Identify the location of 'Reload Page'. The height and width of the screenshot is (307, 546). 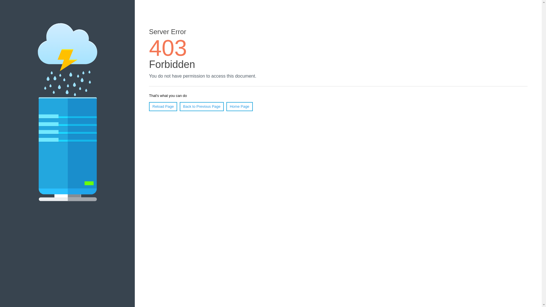
(163, 106).